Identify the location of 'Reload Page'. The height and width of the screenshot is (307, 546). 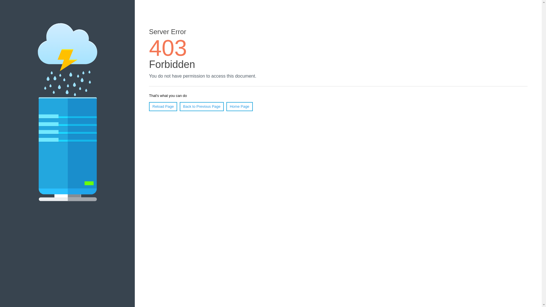
(163, 106).